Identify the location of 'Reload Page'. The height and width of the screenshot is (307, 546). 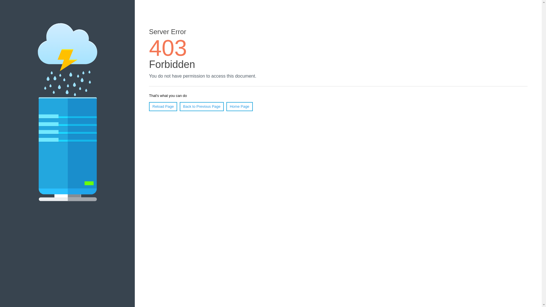
(163, 106).